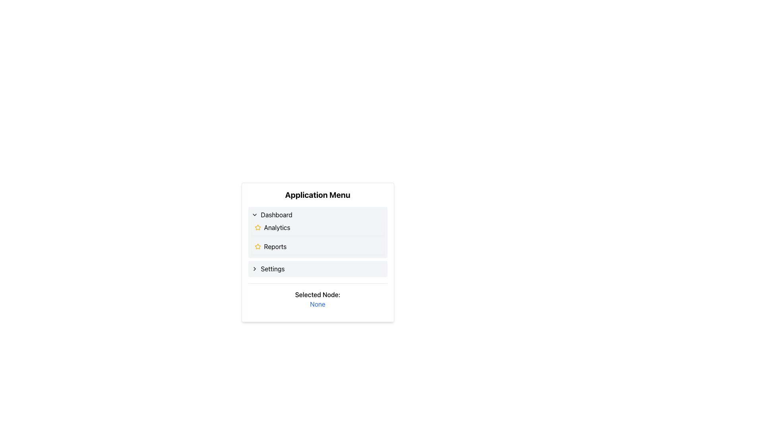  Describe the element at coordinates (258, 228) in the screenshot. I see `the star-shaped icon with a vibrant yellow outline, positioned to the left of the text labeled 'Analytics'` at that location.